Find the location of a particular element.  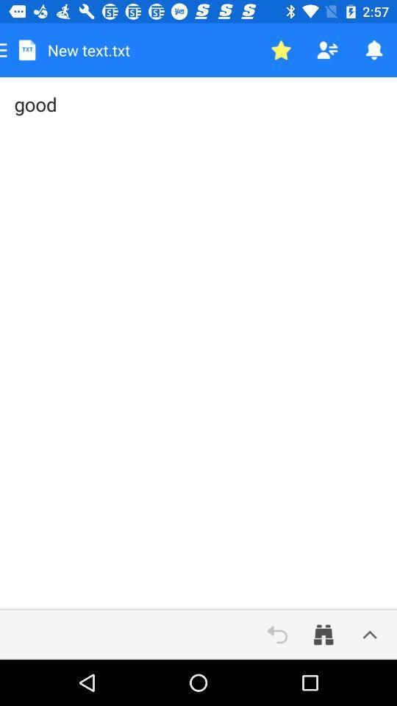

item next to new text.txt is located at coordinates (281, 50).